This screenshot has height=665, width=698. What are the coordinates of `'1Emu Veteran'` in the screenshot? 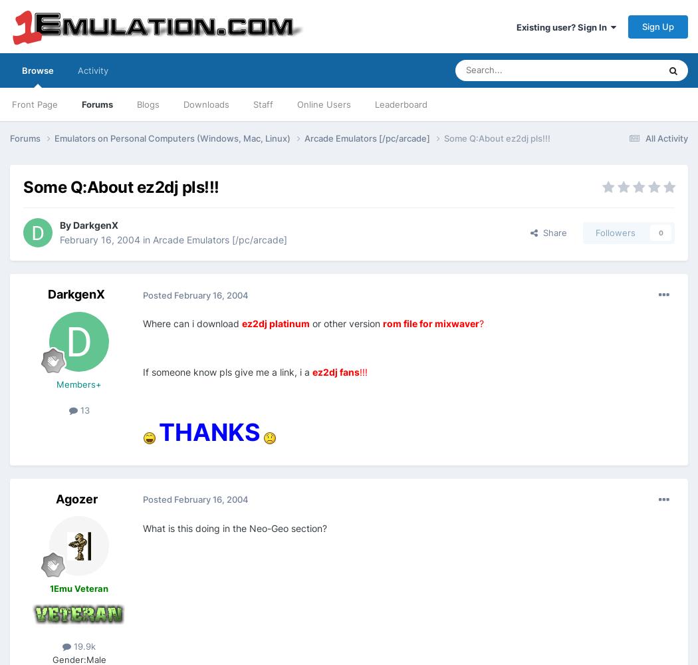 It's located at (78, 588).